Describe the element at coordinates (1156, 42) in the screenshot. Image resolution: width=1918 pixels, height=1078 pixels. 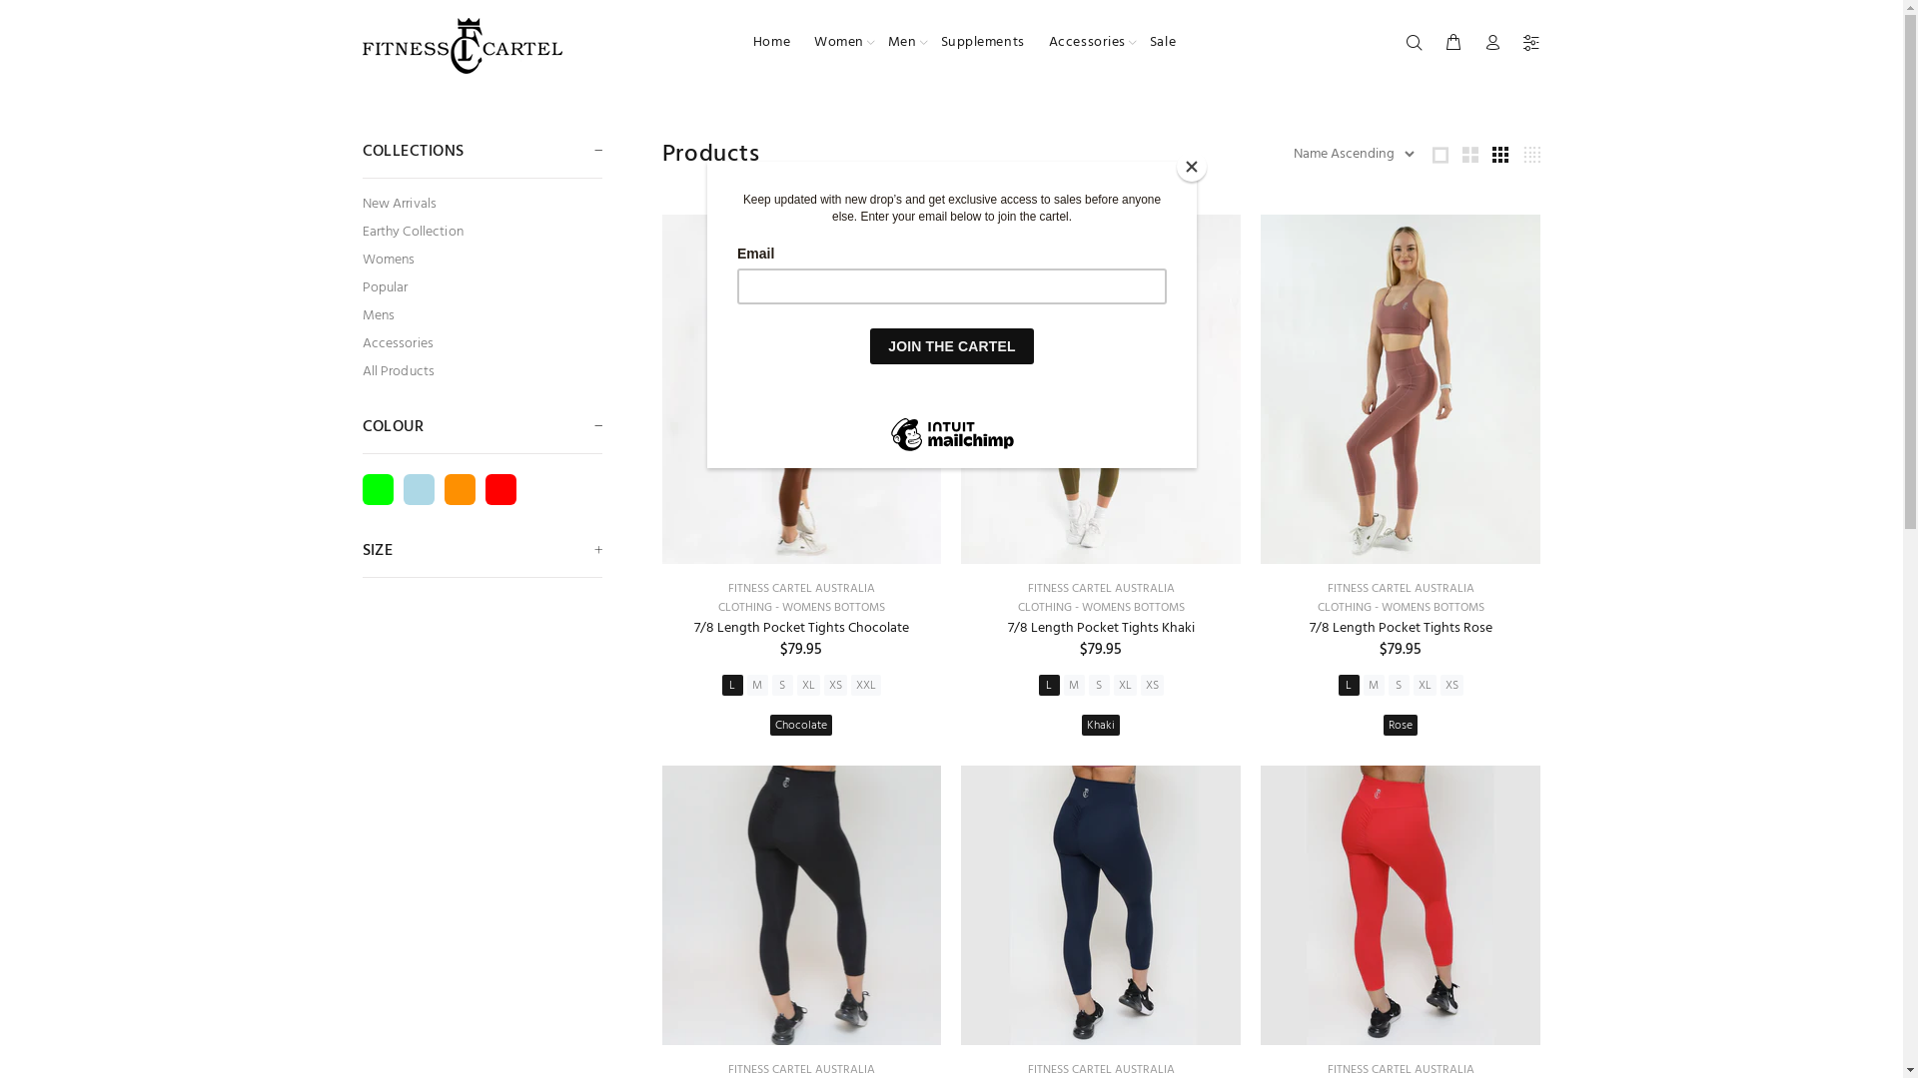
I see `'Sale'` at that location.